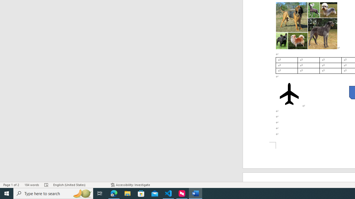 The height and width of the screenshot is (199, 355). Describe the element at coordinates (289, 94) in the screenshot. I see `'Airplane with solid fill'` at that location.